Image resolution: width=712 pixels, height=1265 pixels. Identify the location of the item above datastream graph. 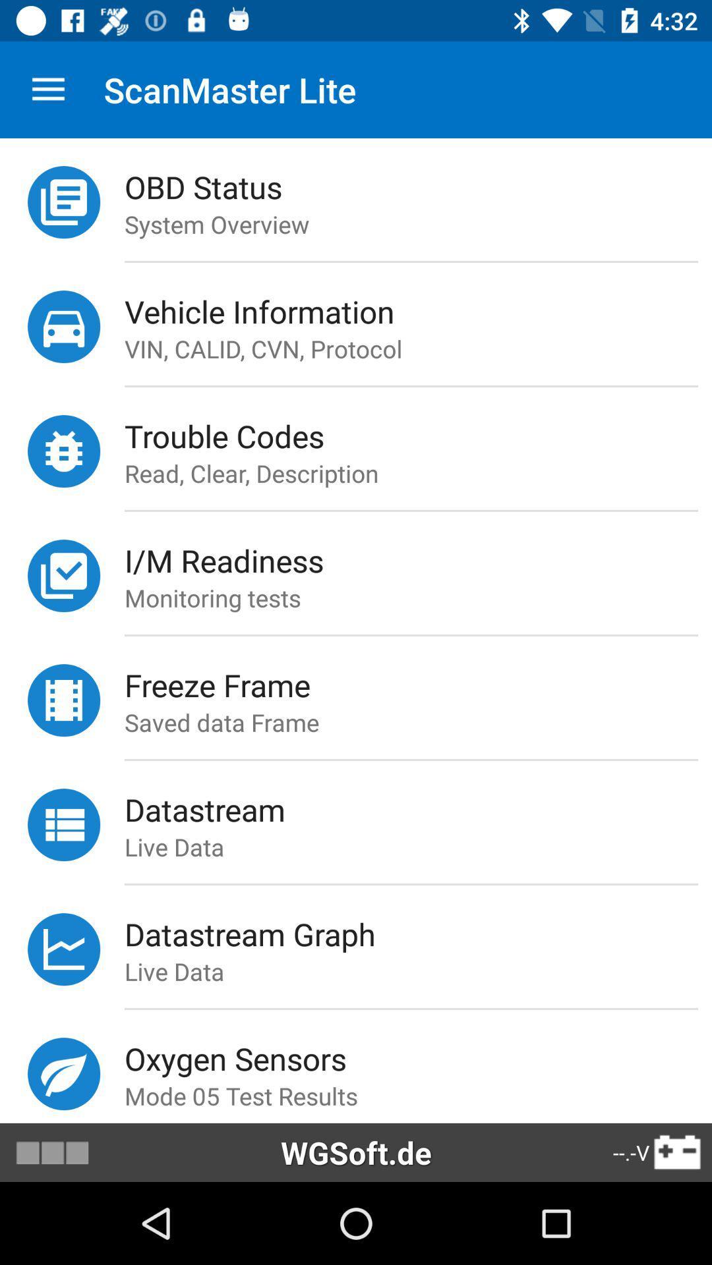
(411, 884).